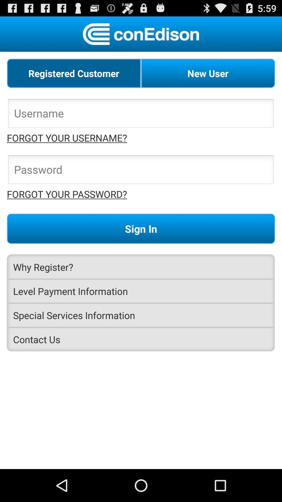 This screenshot has height=502, width=282. Describe the element at coordinates (141, 267) in the screenshot. I see `item below the sign in item` at that location.